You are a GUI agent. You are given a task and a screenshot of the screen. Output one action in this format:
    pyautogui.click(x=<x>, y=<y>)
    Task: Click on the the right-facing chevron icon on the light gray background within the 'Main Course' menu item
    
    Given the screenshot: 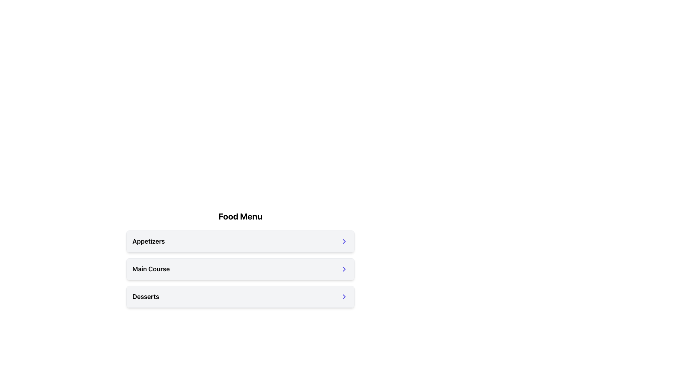 What is the action you would take?
    pyautogui.click(x=344, y=269)
    